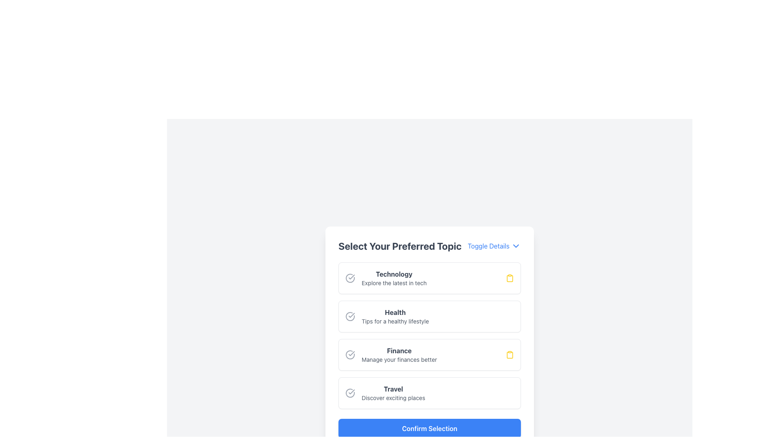 The image size is (782, 440). I want to click on the last selectable list item labeled 'Travel', which is positioned below the 'Finance' item in a card interface, so click(429, 392).